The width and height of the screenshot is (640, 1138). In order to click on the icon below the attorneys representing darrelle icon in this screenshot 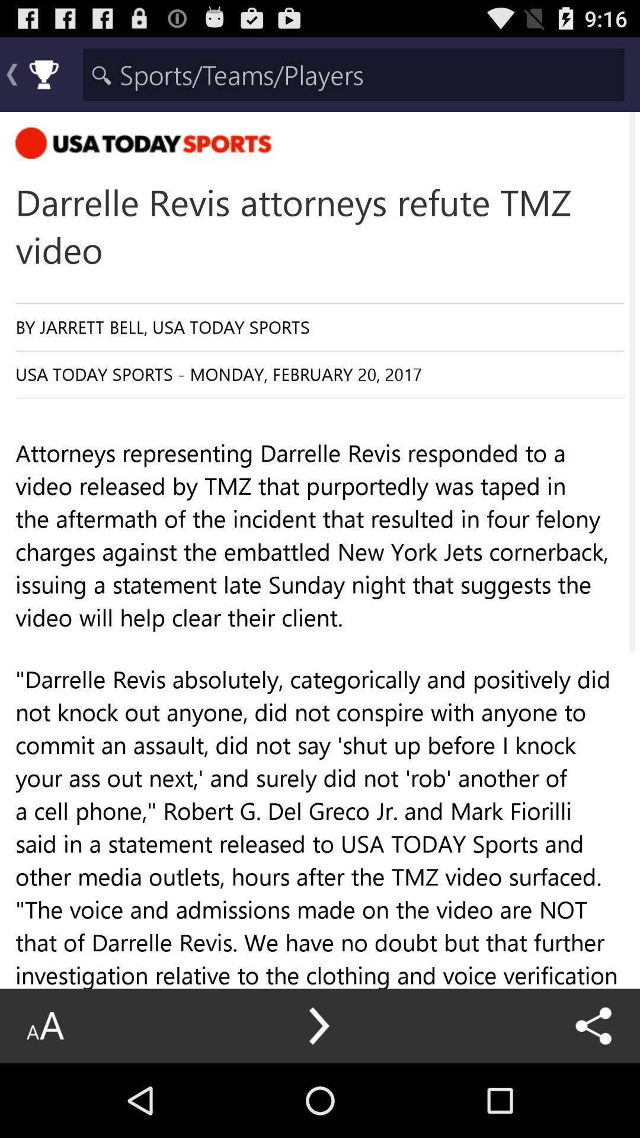, I will do `click(594, 1025)`.